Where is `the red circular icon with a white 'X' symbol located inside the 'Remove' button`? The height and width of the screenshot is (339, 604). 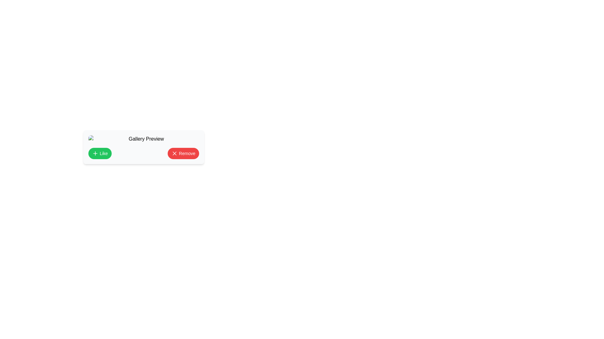 the red circular icon with a white 'X' symbol located inside the 'Remove' button is located at coordinates (174, 153).